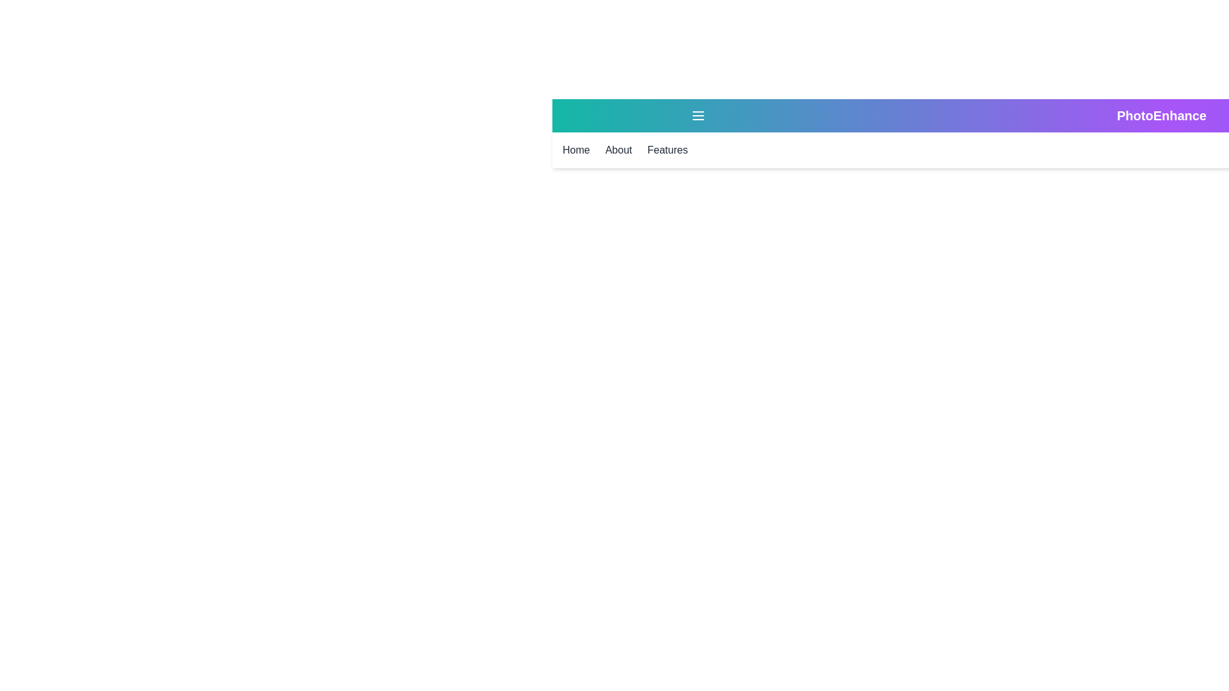 The height and width of the screenshot is (691, 1229). What do you see at coordinates (1167, 133) in the screenshot?
I see `the gradient background to inspect its properties` at bounding box center [1167, 133].